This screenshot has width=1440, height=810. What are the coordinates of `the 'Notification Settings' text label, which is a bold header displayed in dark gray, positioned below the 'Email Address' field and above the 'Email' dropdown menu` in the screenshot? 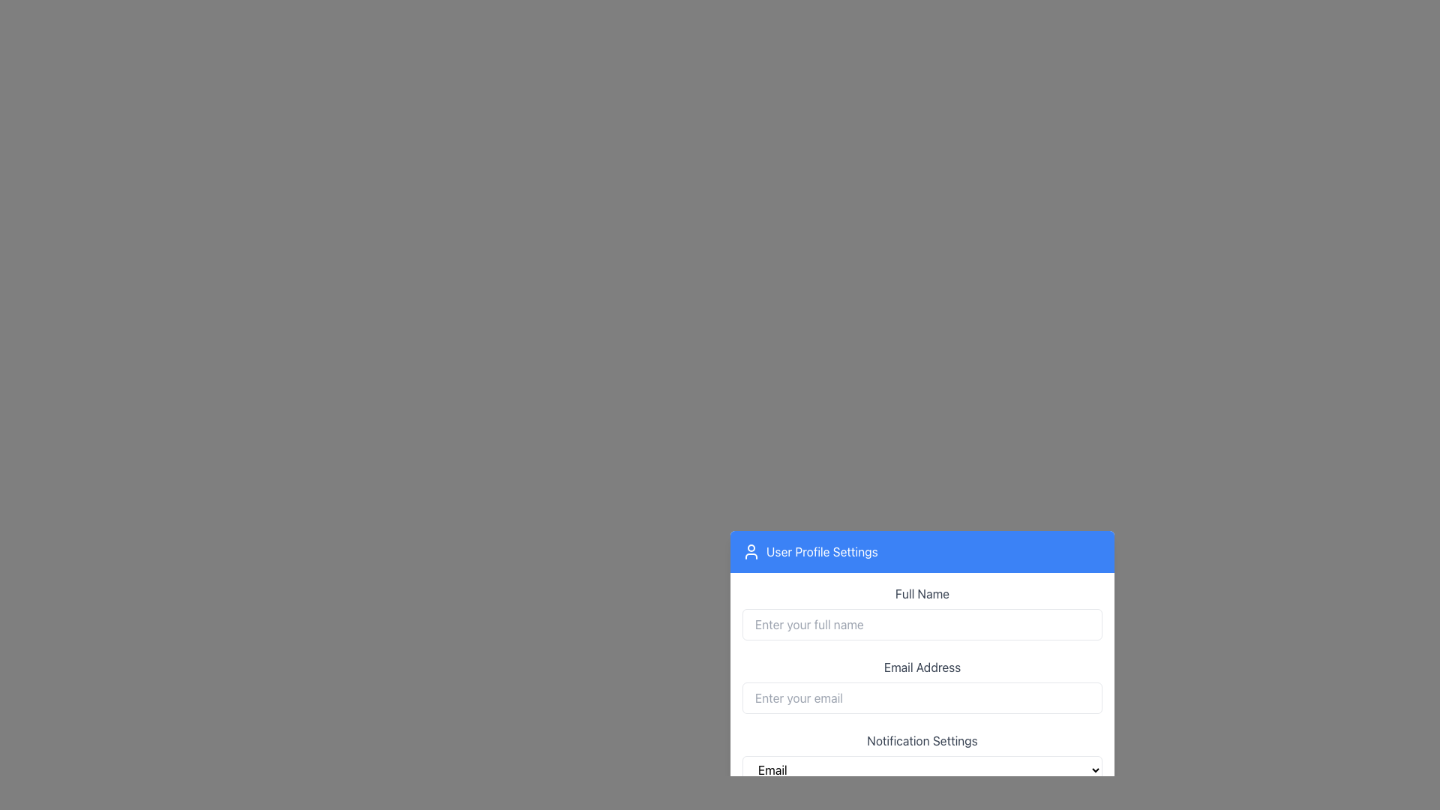 It's located at (921, 739).